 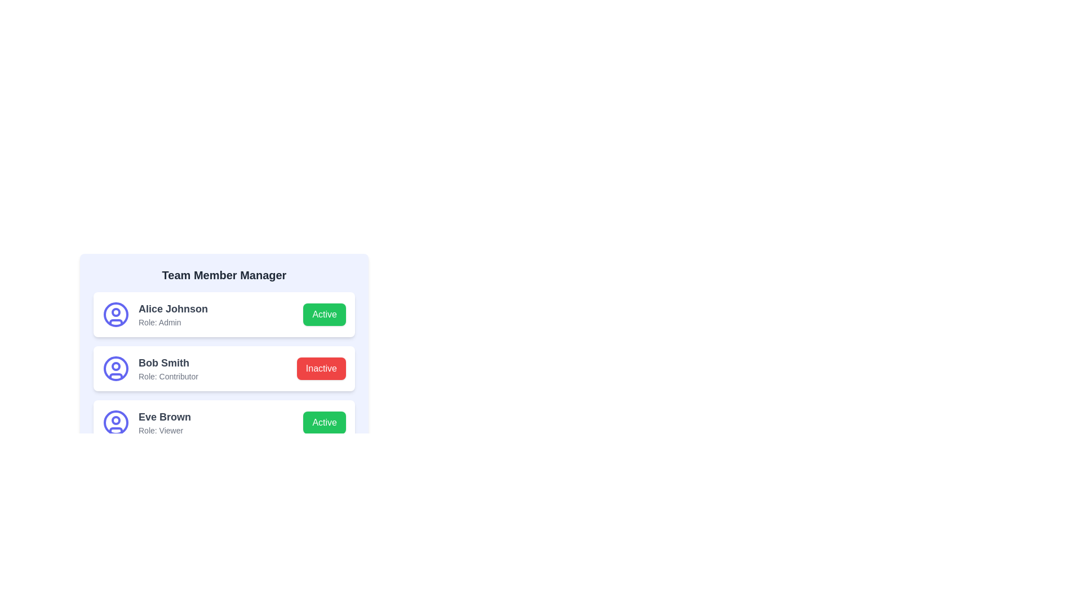 I want to click on the text label displaying the role information for the user 'Eve Brown', which indicates their designation as 'Viewer'. This label is located under the header 'Team Member Manager', immediately below 'Eve Brown', so click(x=164, y=430).